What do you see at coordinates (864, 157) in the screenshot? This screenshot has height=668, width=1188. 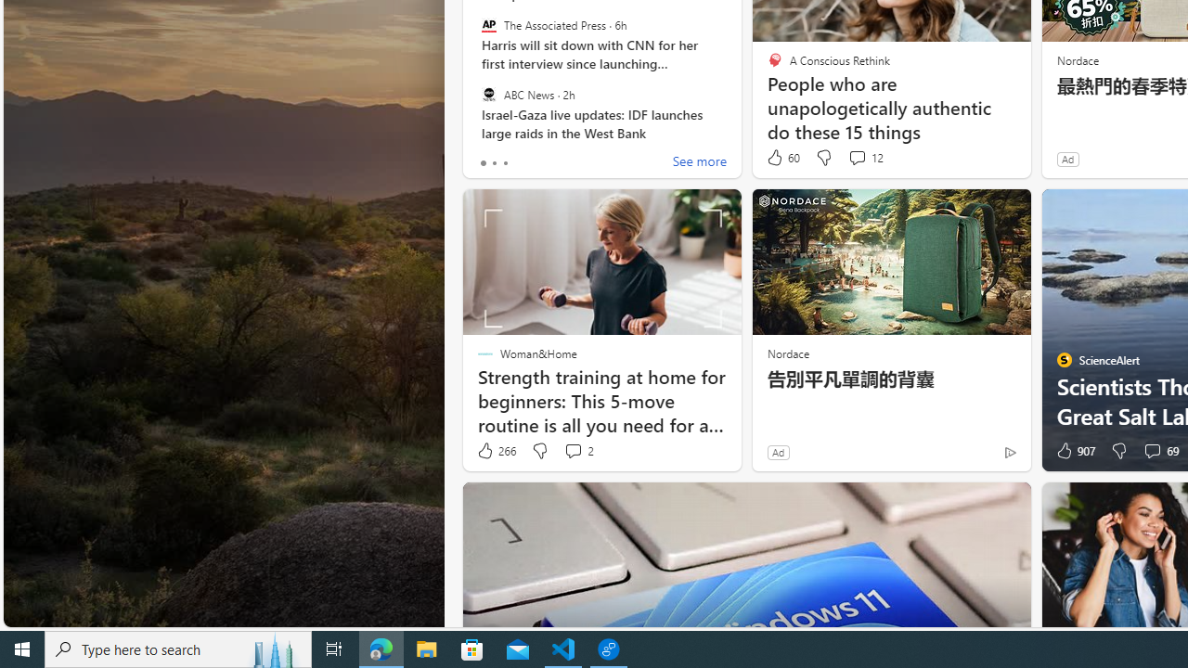 I see `'View comments 12 Comment'` at bounding box center [864, 157].